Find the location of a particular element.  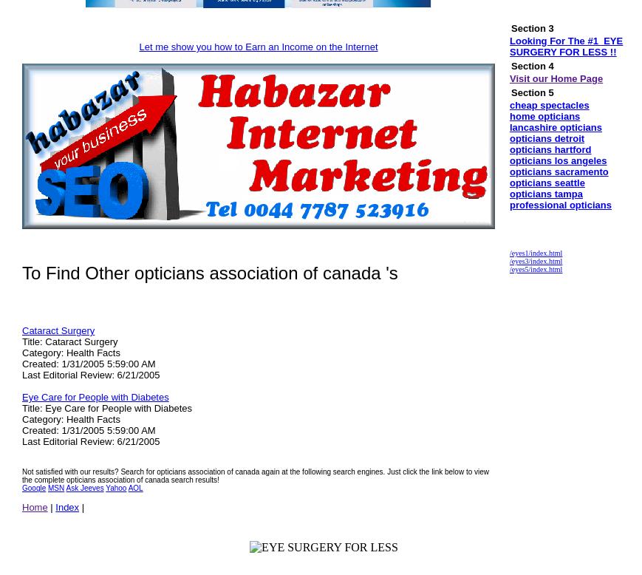

'MSN' is located at coordinates (55, 488).